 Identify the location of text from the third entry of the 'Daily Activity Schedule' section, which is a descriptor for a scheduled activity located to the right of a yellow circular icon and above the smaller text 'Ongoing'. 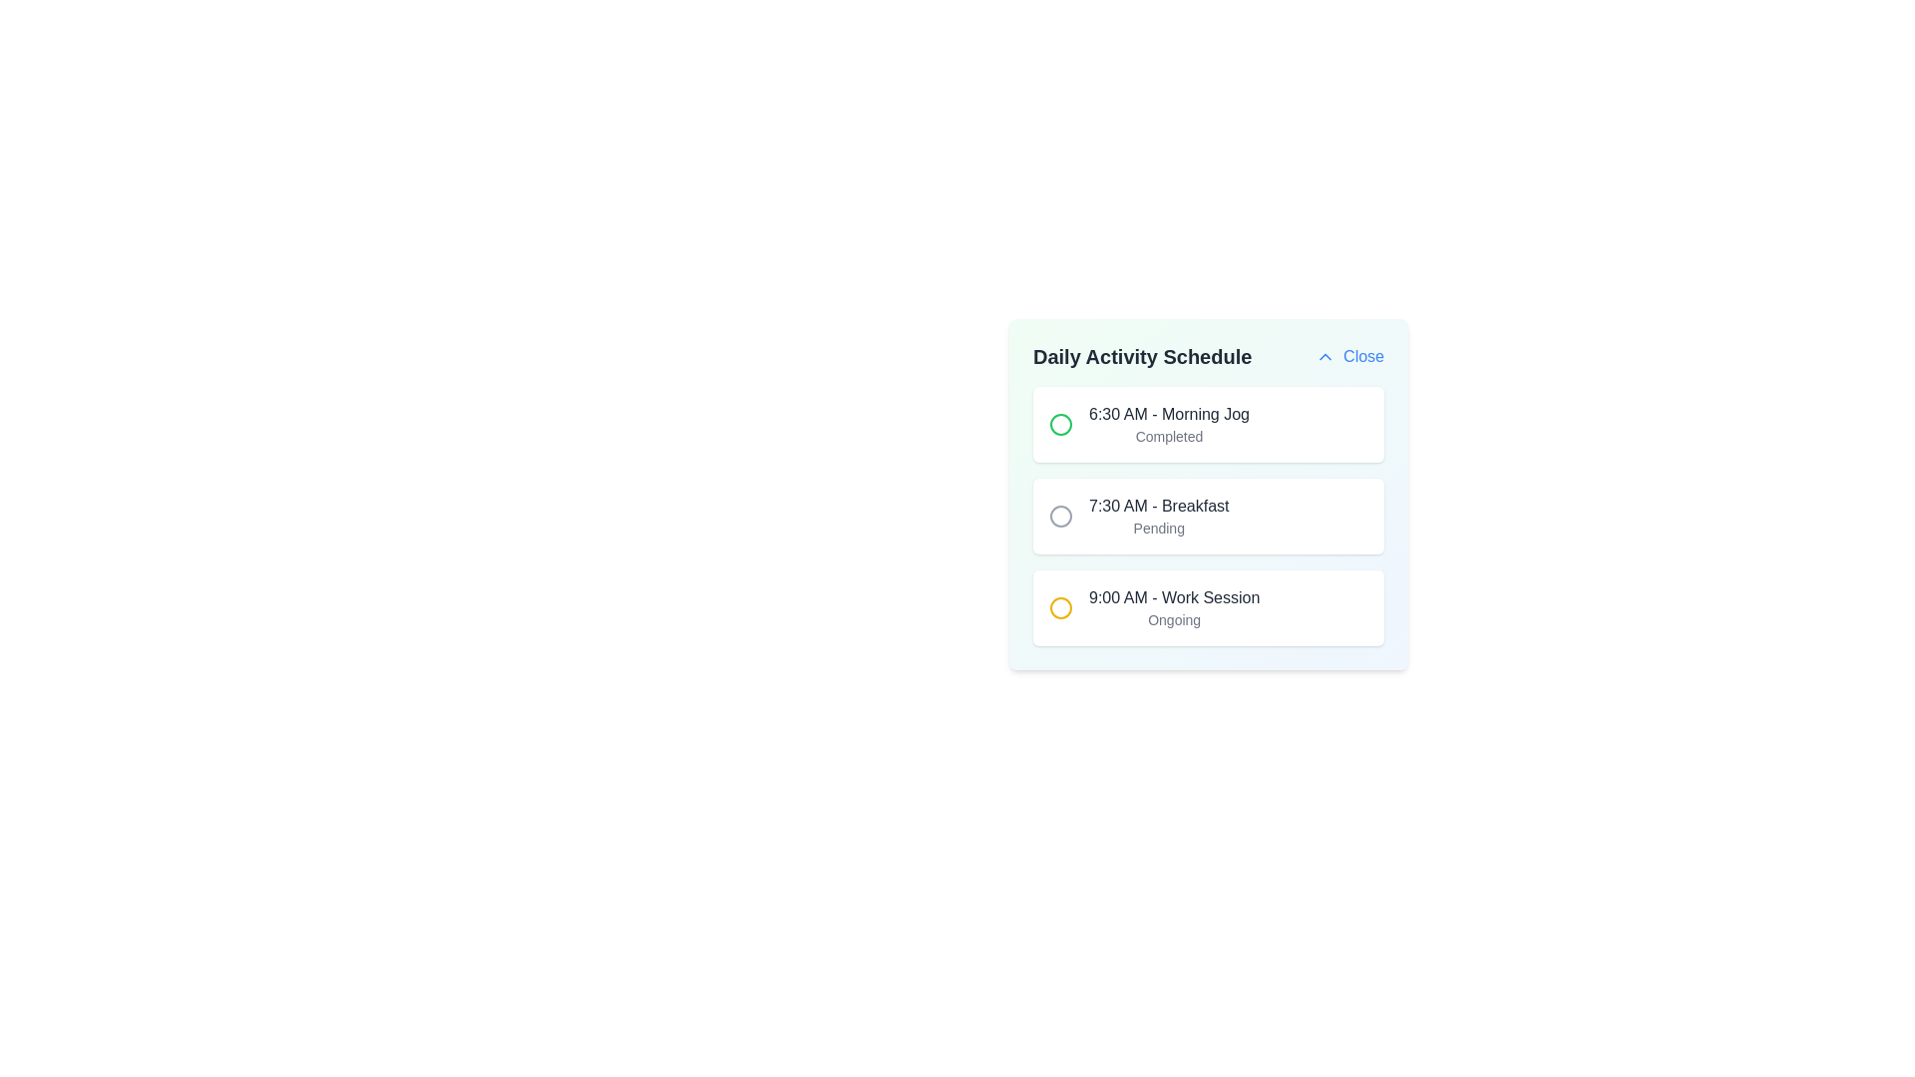
(1174, 597).